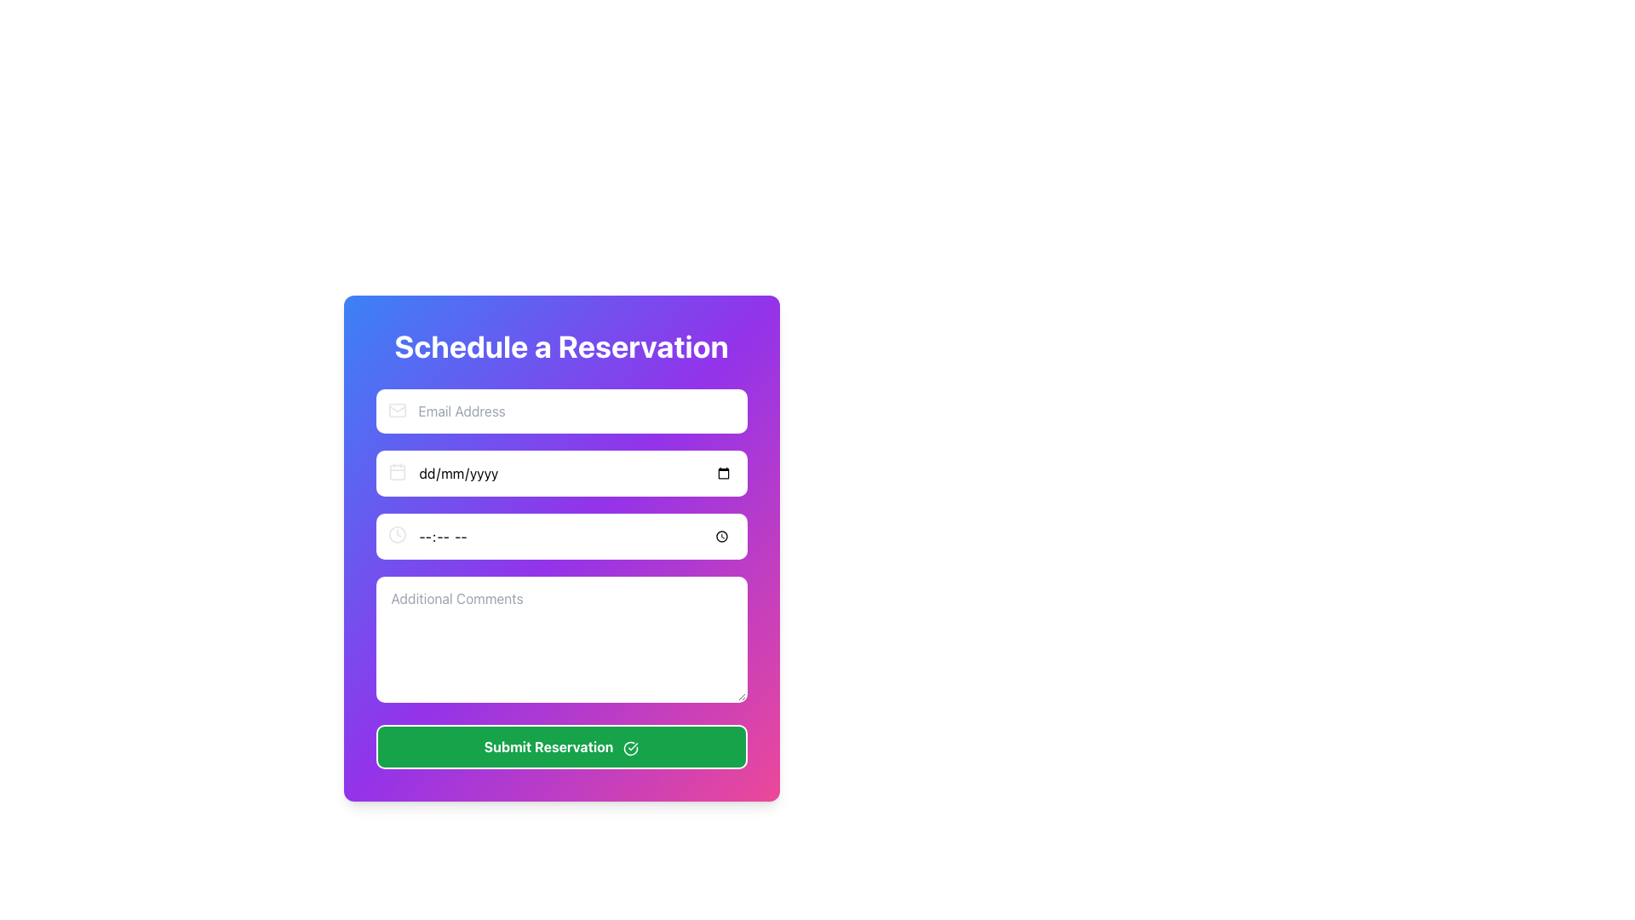 Image resolution: width=1635 pixels, height=920 pixels. What do you see at coordinates (561, 411) in the screenshot?
I see `the Email Address input field, which is the first interactive element in the 'Schedule a Reservation' form, to potentially display focus effects` at bounding box center [561, 411].